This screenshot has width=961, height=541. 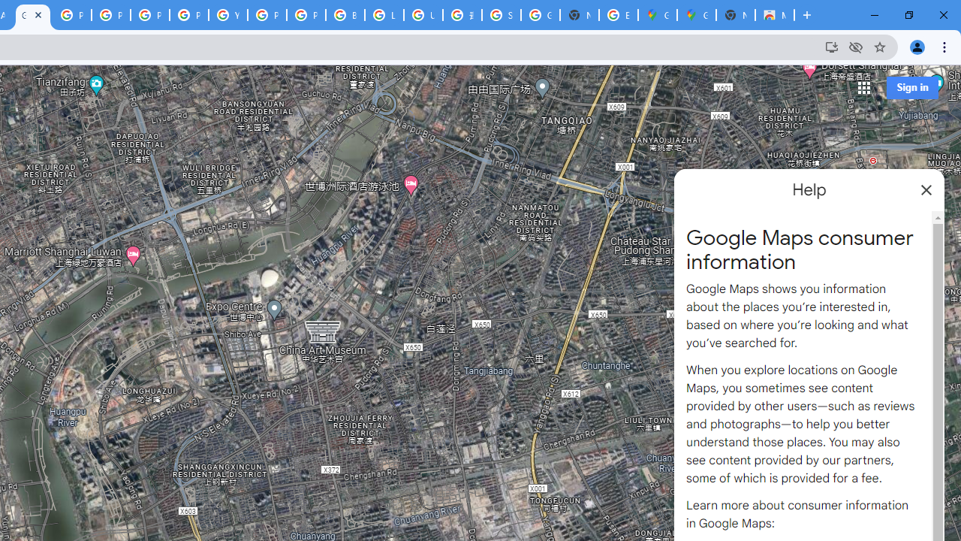 I want to click on 'Google Maps', so click(x=658, y=15).